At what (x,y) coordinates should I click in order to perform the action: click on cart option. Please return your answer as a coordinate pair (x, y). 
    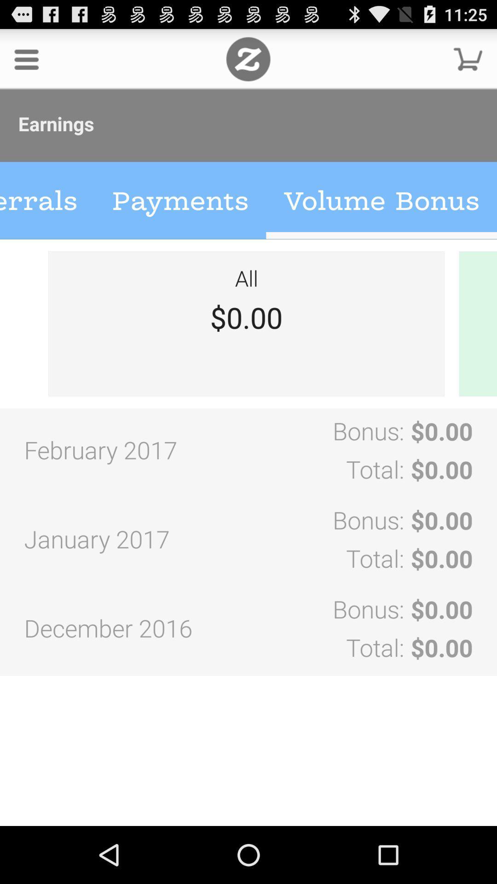
    Looking at the image, I should click on (468, 58).